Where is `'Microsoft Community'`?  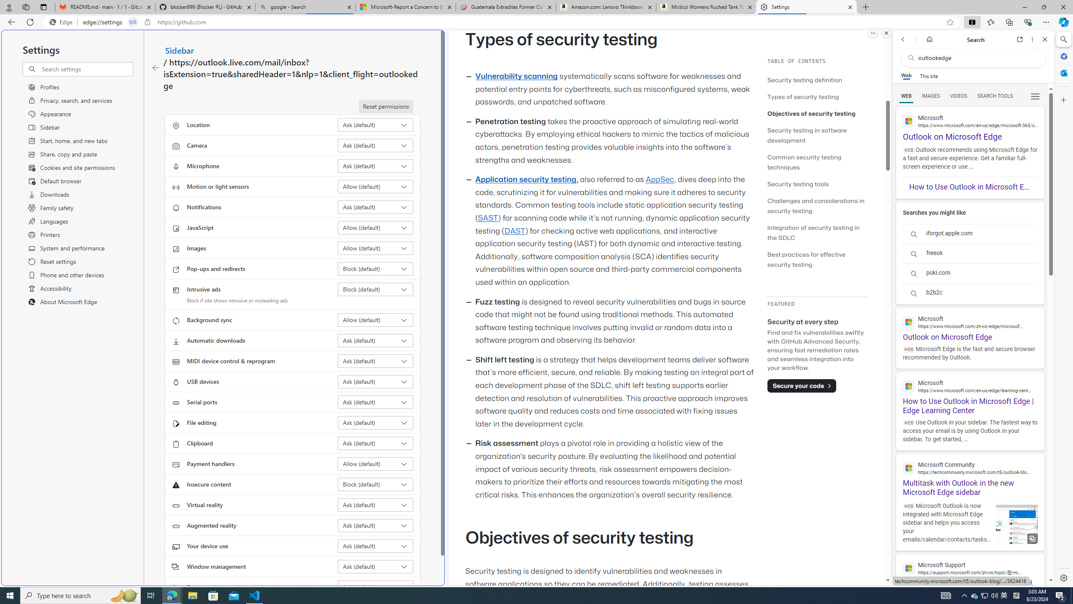 'Microsoft Community' is located at coordinates (970, 467).